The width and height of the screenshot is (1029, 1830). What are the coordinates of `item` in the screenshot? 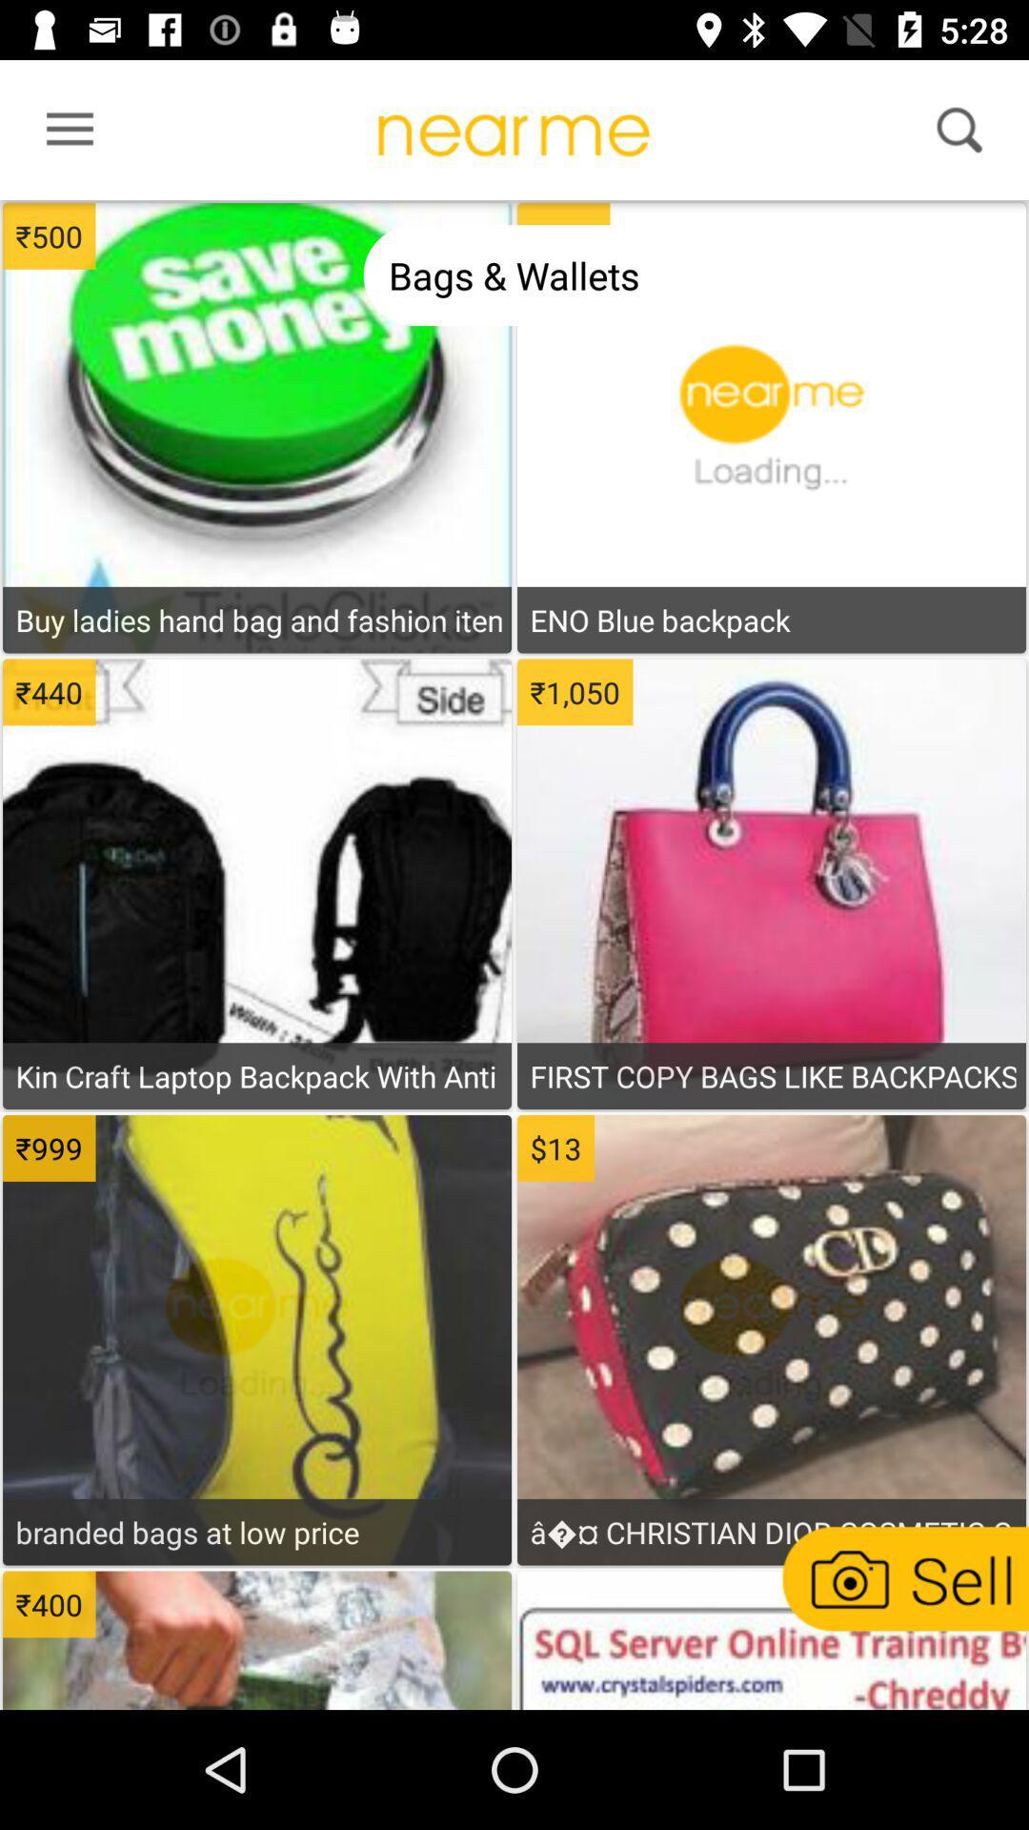 It's located at (257, 1642).